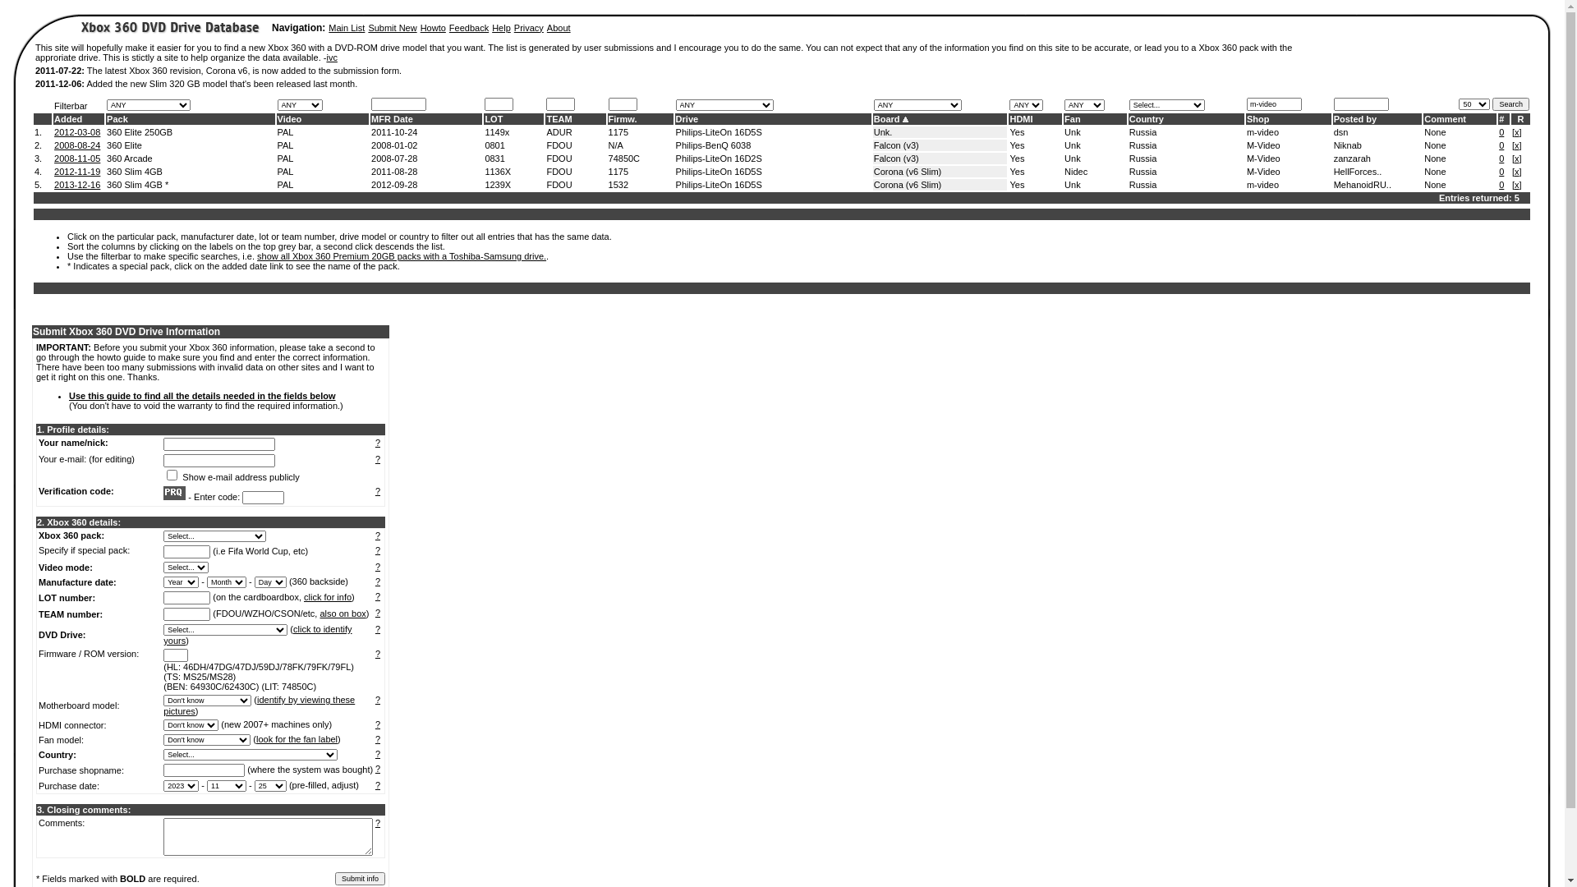 The width and height of the screenshot is (1577, 887). I want to click on 'also on box', so click(342, 614).